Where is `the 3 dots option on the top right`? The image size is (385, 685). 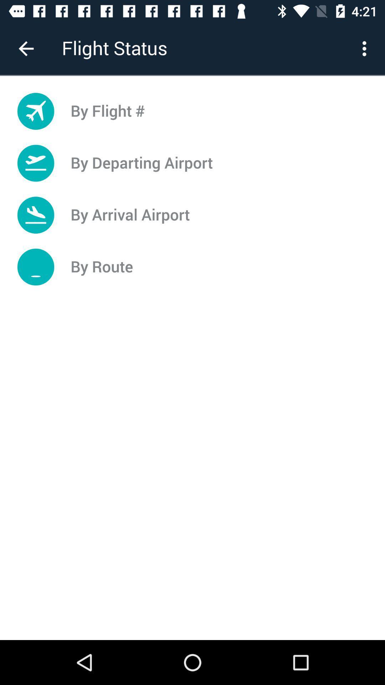 the 3 dots option on the top right is located at coordinates (366, 49).